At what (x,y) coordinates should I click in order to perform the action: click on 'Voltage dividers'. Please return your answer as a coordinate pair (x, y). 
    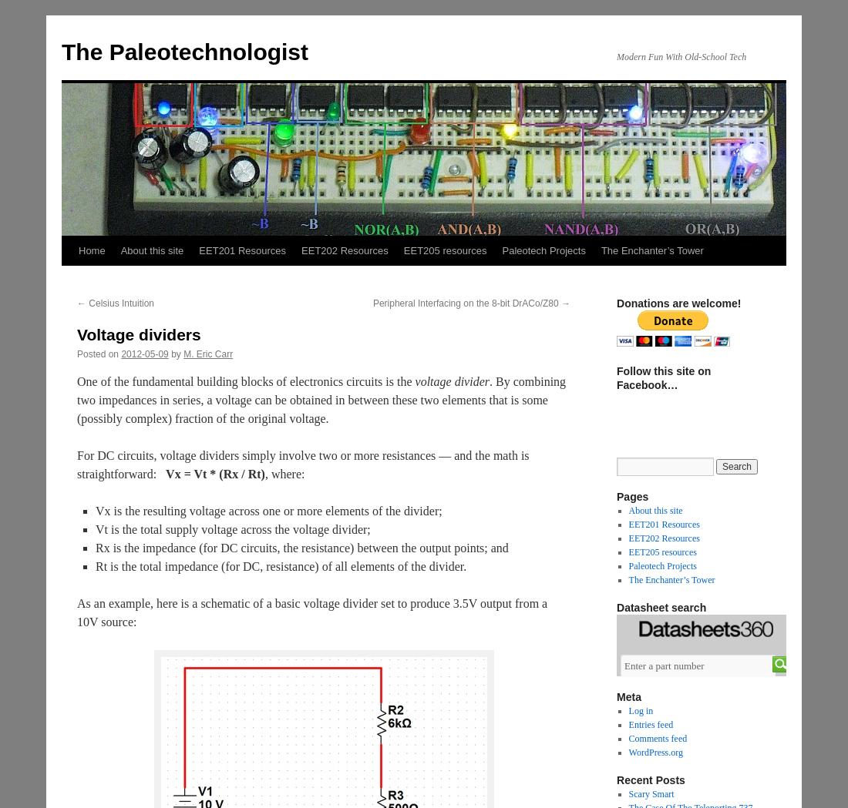
    Looking at the image, I should click on (137, 334).